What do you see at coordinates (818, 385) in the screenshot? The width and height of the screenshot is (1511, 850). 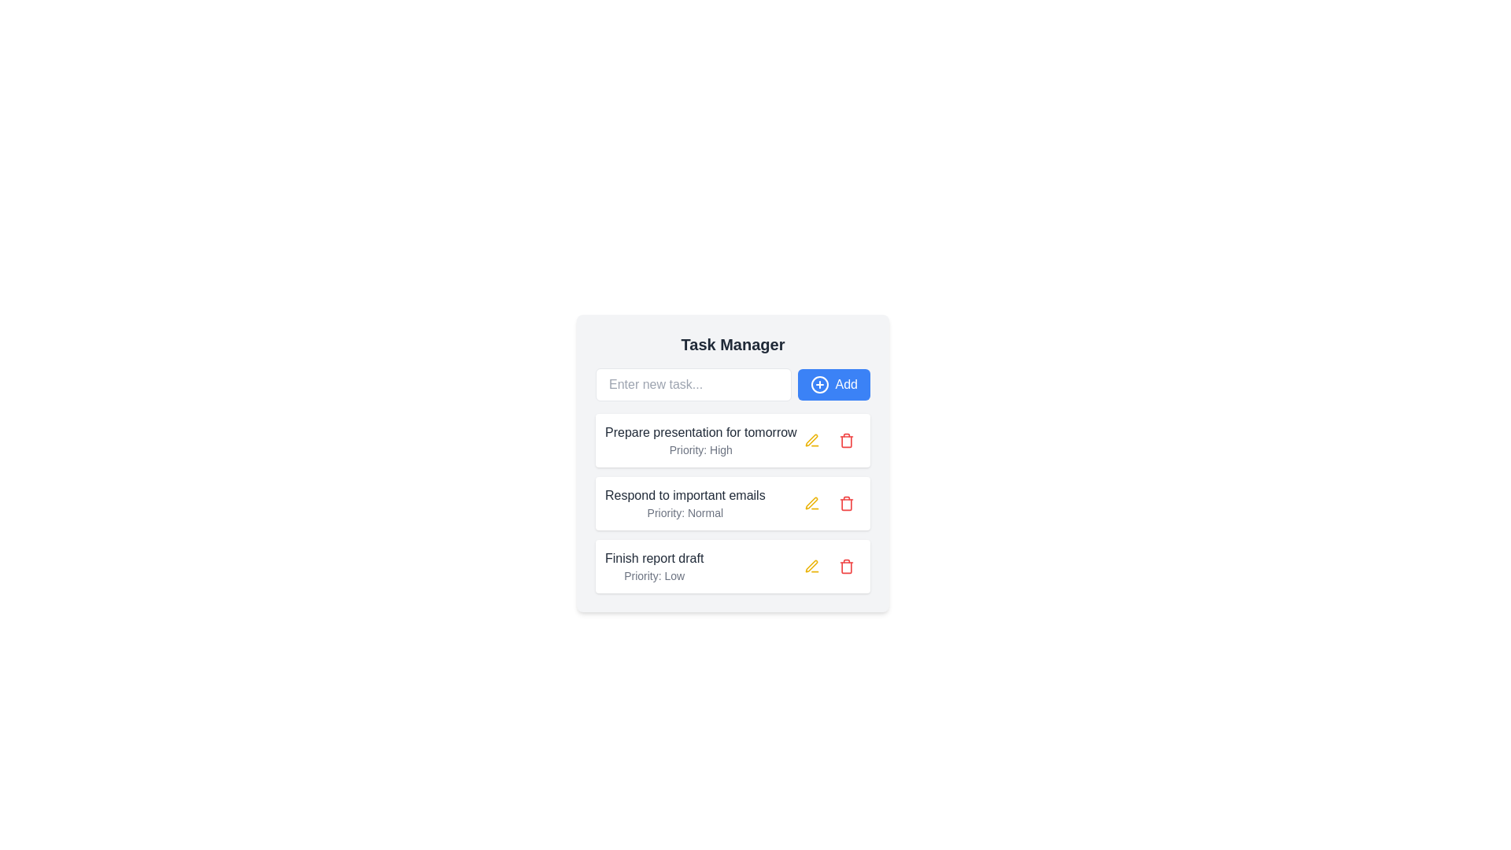 I see `the circular blue icon with a white border and plus sign located inside the 'Add' button in the Task Manager card` at bounding box center [818, 385].